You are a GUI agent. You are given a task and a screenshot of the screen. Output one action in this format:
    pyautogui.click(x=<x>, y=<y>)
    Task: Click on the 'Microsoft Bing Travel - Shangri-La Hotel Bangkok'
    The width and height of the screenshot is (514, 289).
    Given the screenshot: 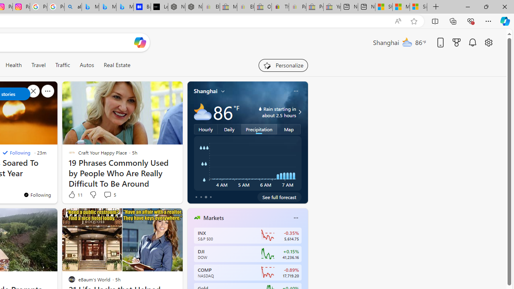 What is the action you would take?
    pyautogui.click(x=124, y=7)
    